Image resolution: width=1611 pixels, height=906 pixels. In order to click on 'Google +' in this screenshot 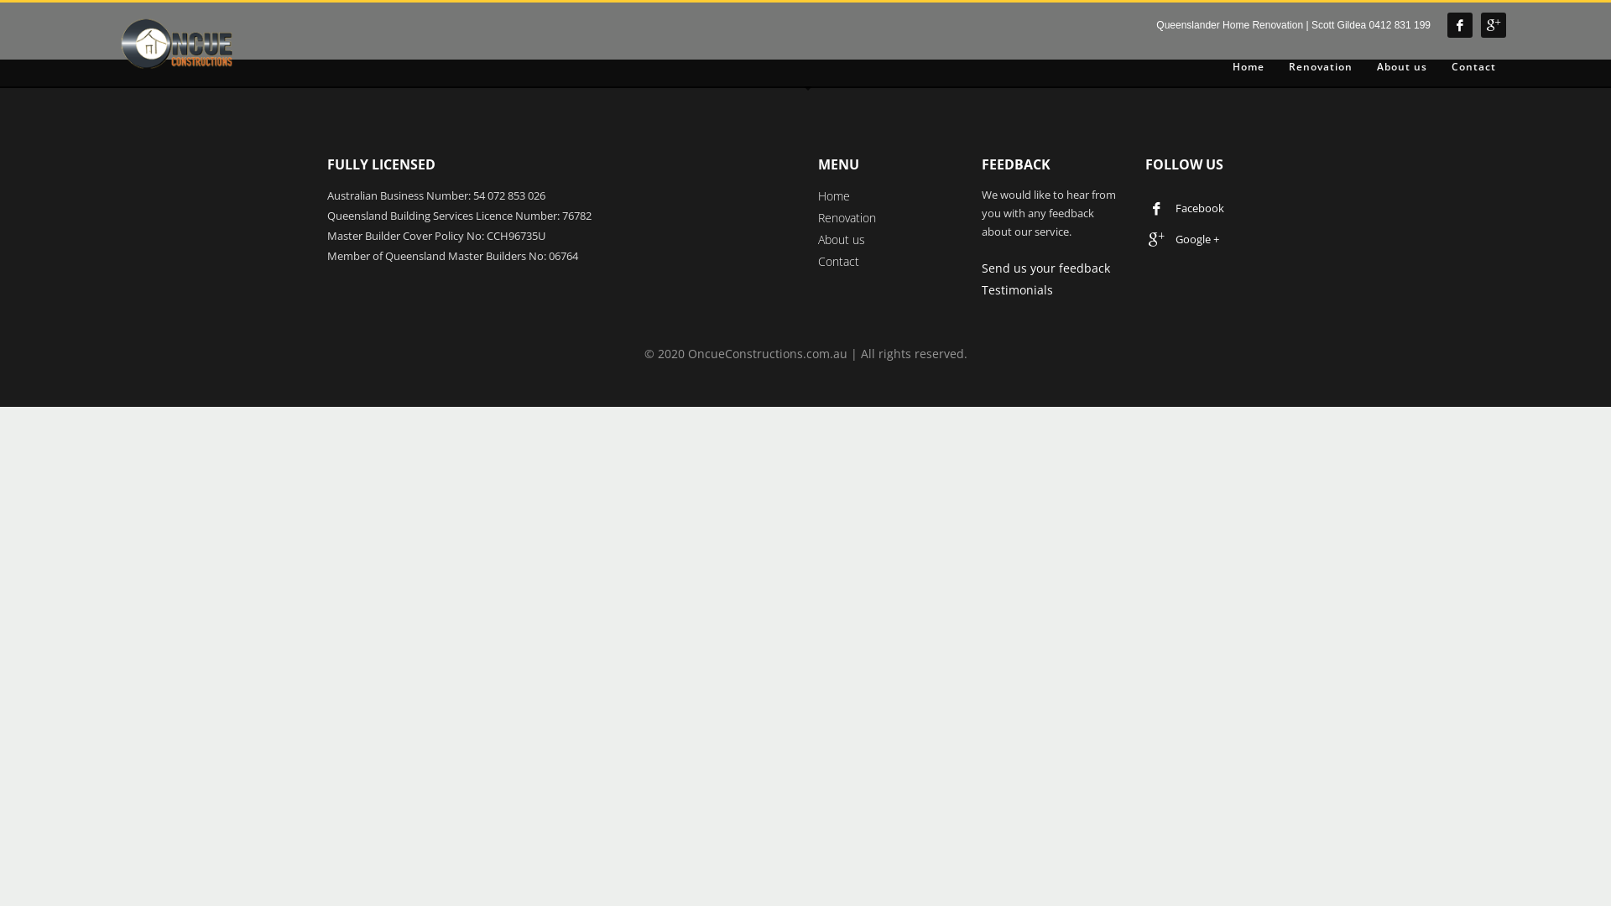, I will do `click(1185, 239)`.